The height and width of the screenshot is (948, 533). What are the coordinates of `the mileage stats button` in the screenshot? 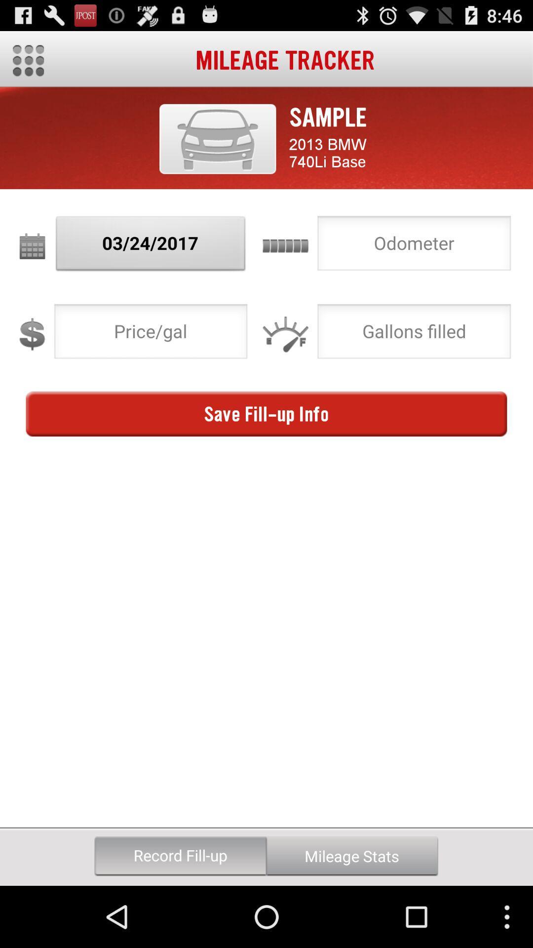 It's located at (351, 856).